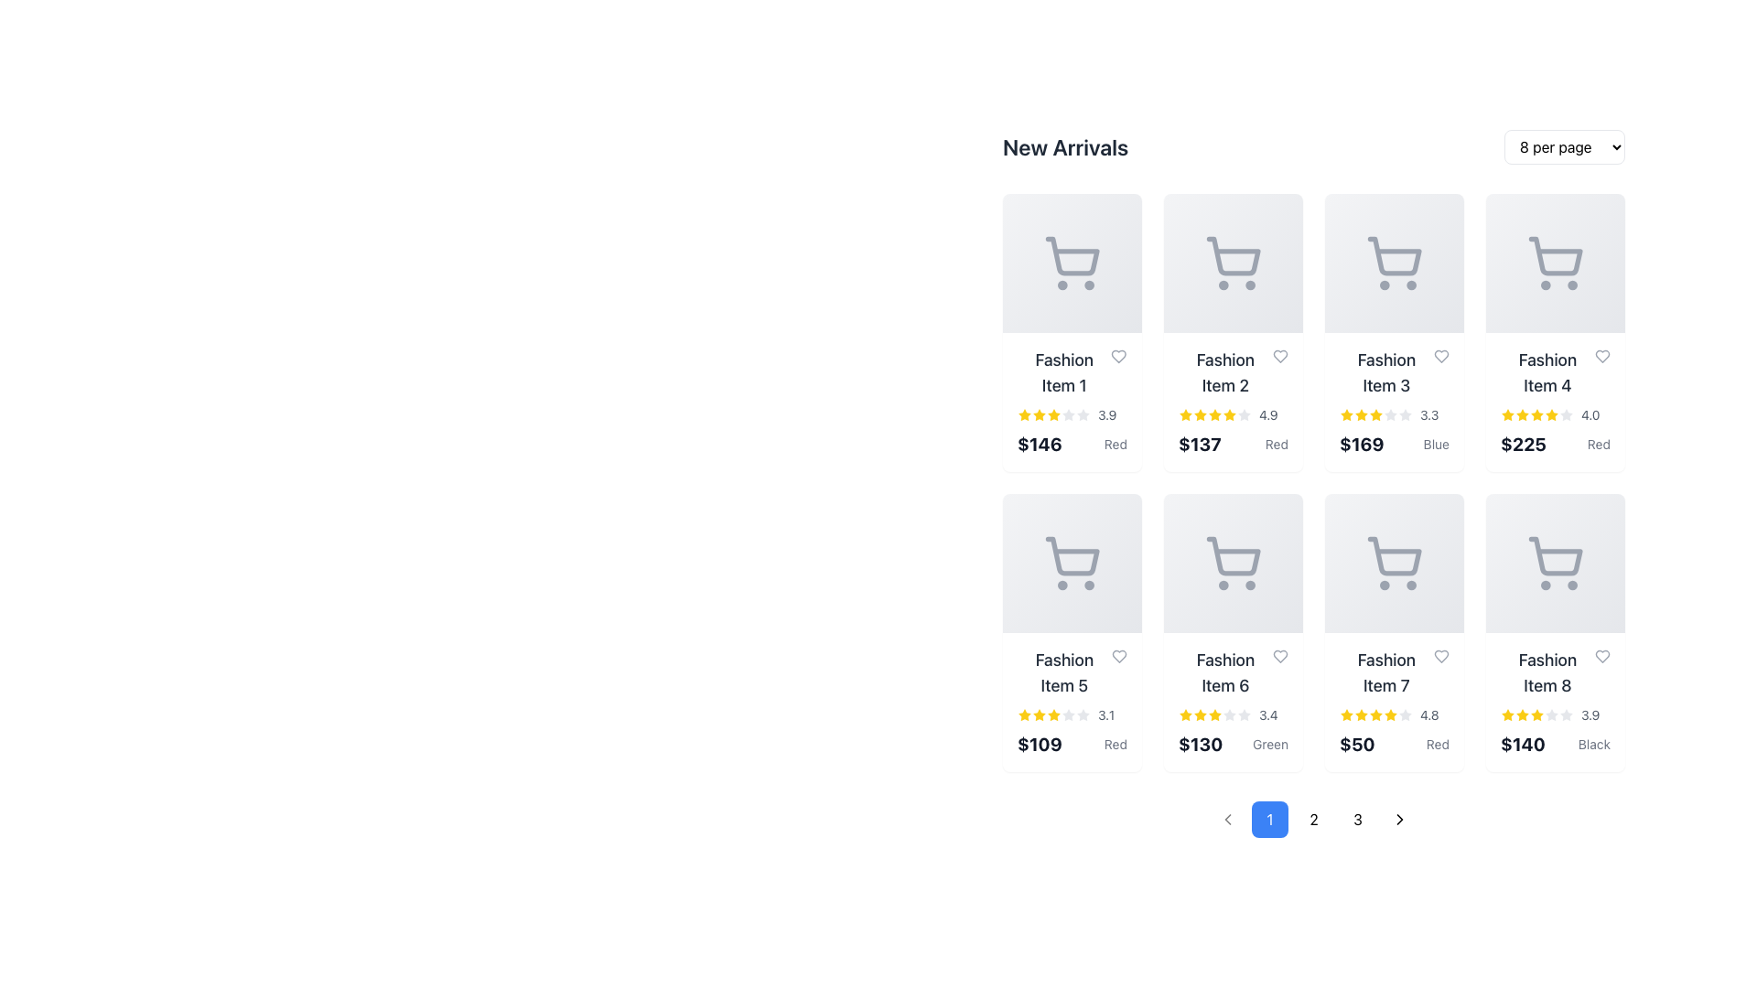 This screenshot has height=988, width=1757. Describe the element at coordinates (1554, 263) in the screenshot. I see `the shopping cart icon located in the top right corner of the product card grid, specifically in the fourth column of the first row, for information` at that location.